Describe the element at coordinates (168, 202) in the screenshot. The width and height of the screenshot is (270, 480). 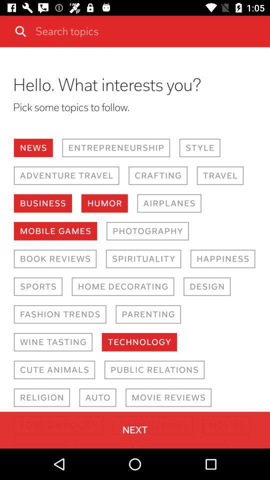
I see `item to the right of the humor icon` at that location.